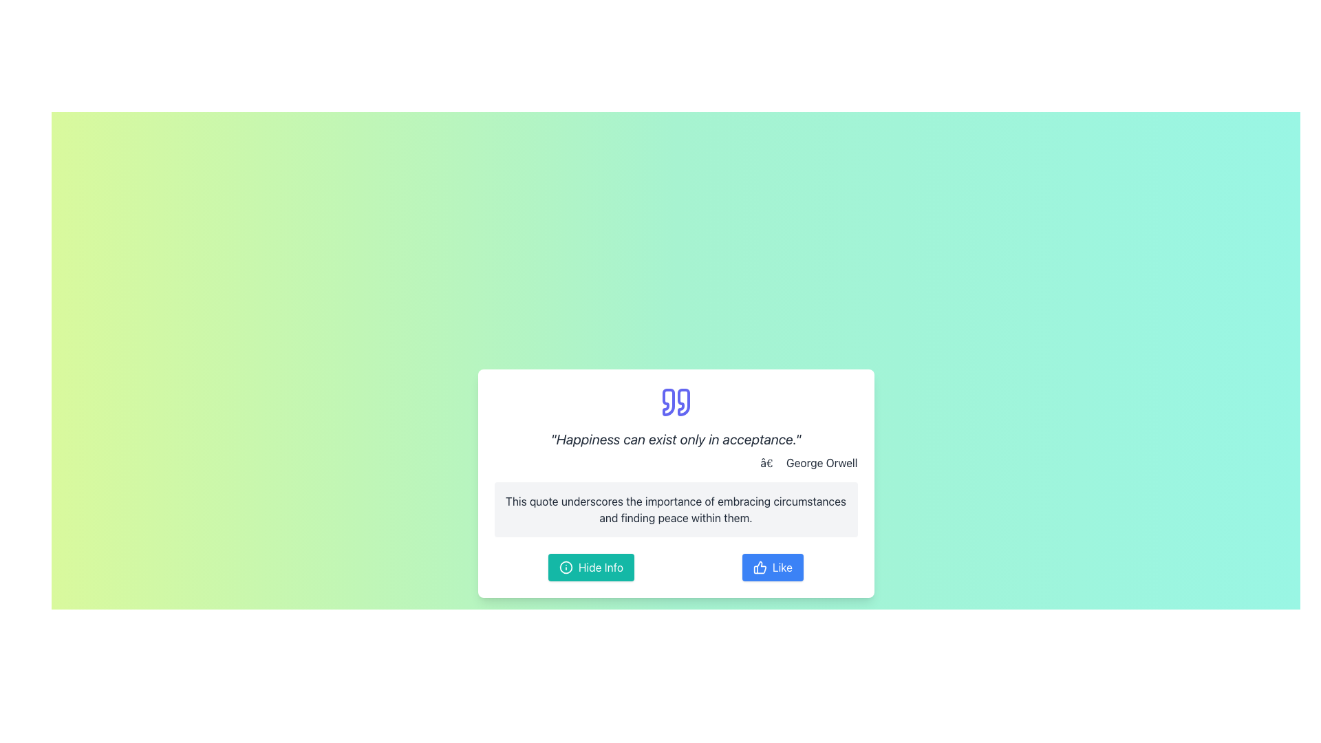 The width and height of the screenshot is (1321, 743). Describe the element at coordinates (759, 568) in the screenshot. I see `the thumbs-up icon located to the left of the 'Like' text` at that location.